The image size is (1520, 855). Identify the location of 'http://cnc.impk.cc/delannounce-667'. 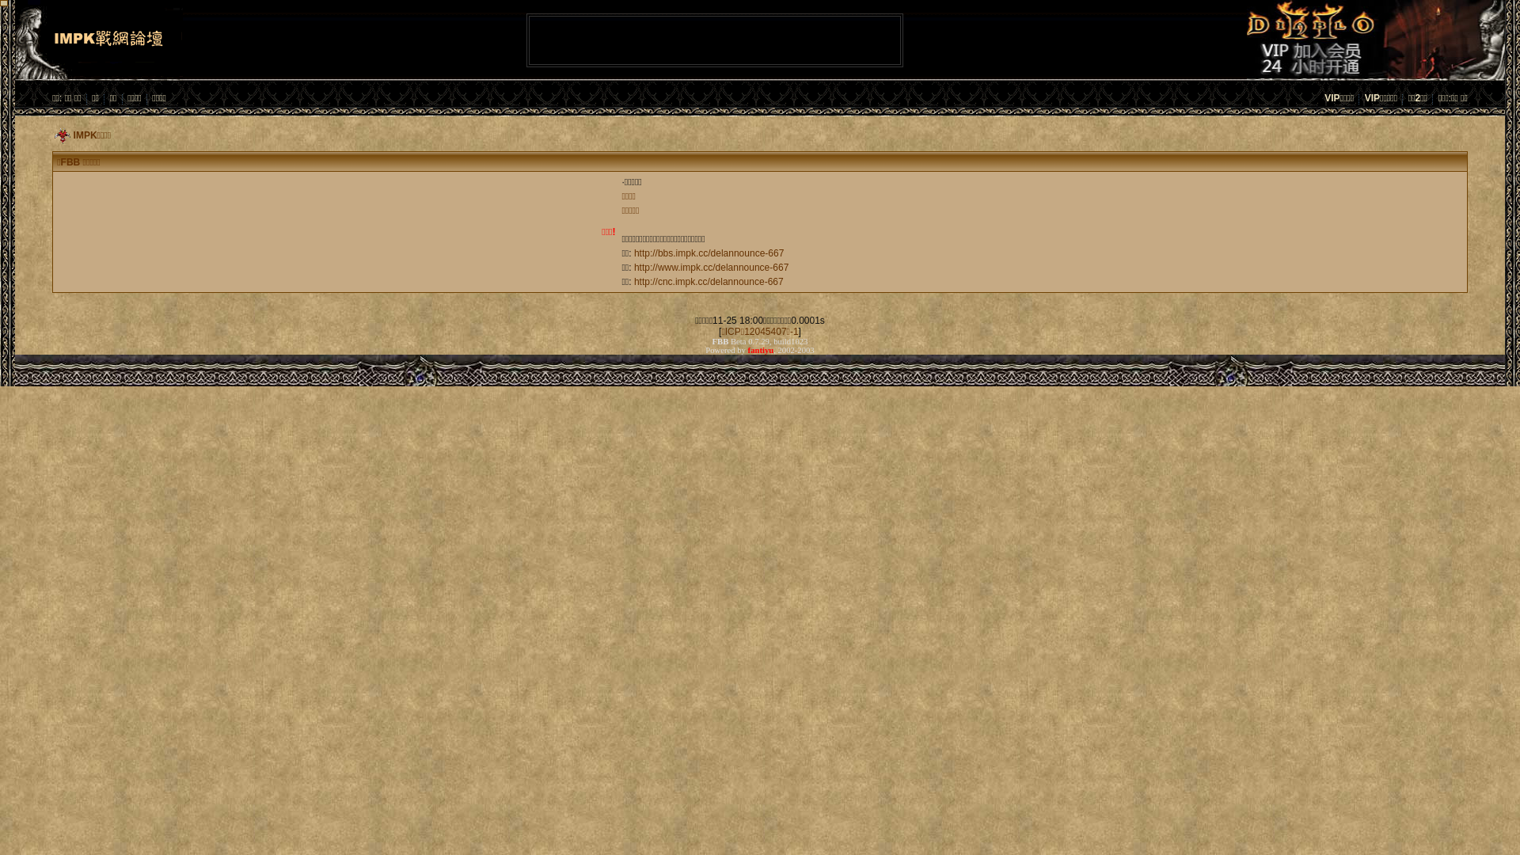
(634, 280).